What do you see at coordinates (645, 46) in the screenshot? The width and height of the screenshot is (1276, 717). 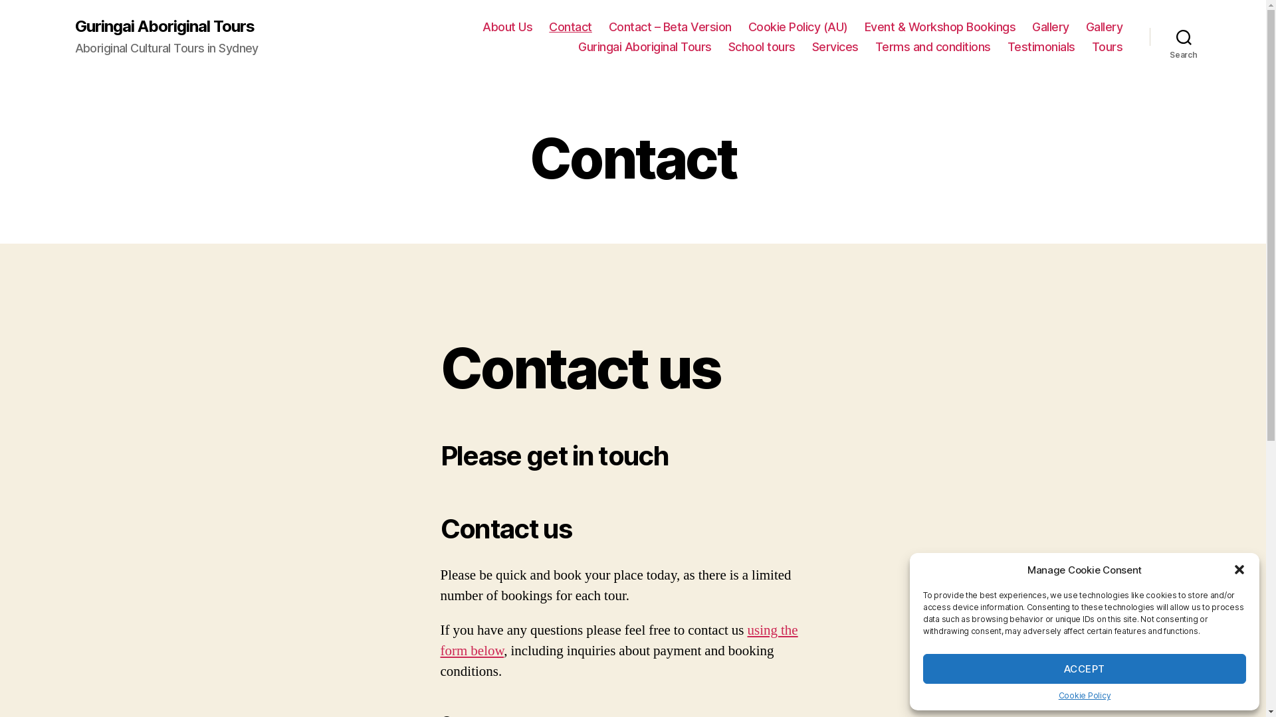 I see `'Guringai Aboriginal Tours'` at bounding box center [645, 46].